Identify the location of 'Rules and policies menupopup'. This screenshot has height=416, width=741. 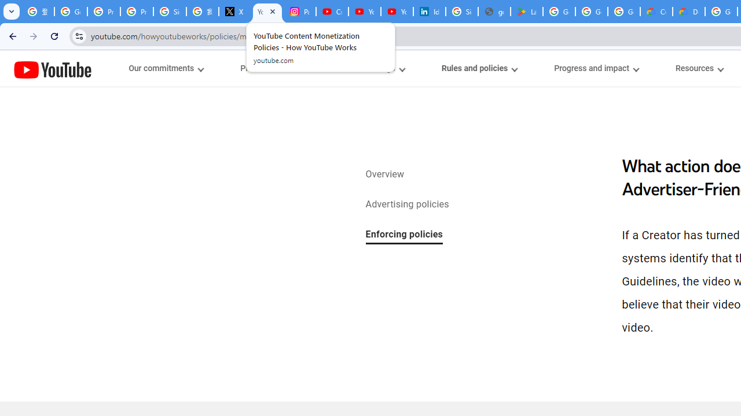
(479, 68).